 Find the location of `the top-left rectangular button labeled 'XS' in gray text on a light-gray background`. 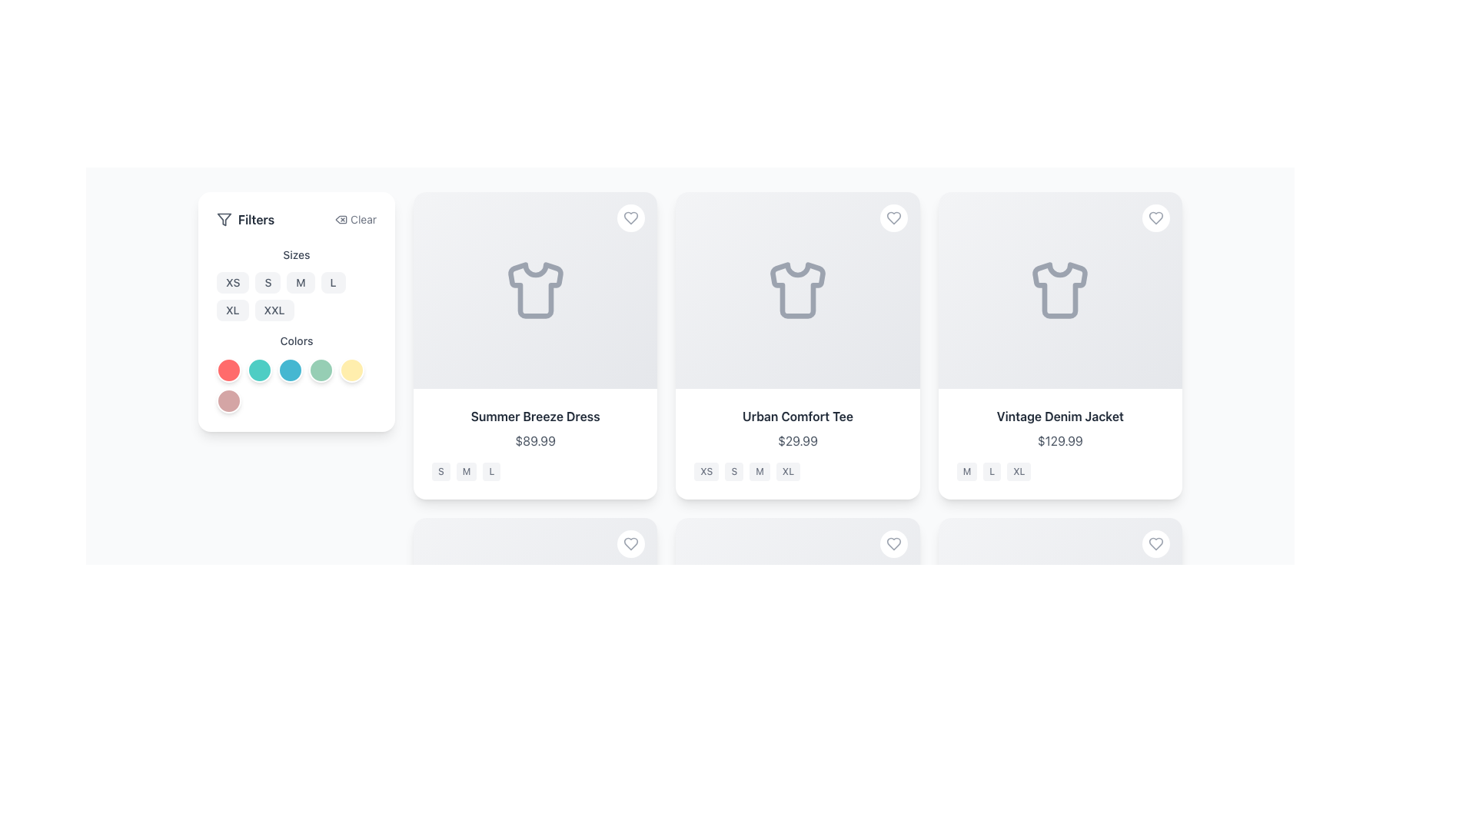

the top-left rectangular button labeled 'XS' in gray text on a light-gray background is located at coordinates (231, 282).